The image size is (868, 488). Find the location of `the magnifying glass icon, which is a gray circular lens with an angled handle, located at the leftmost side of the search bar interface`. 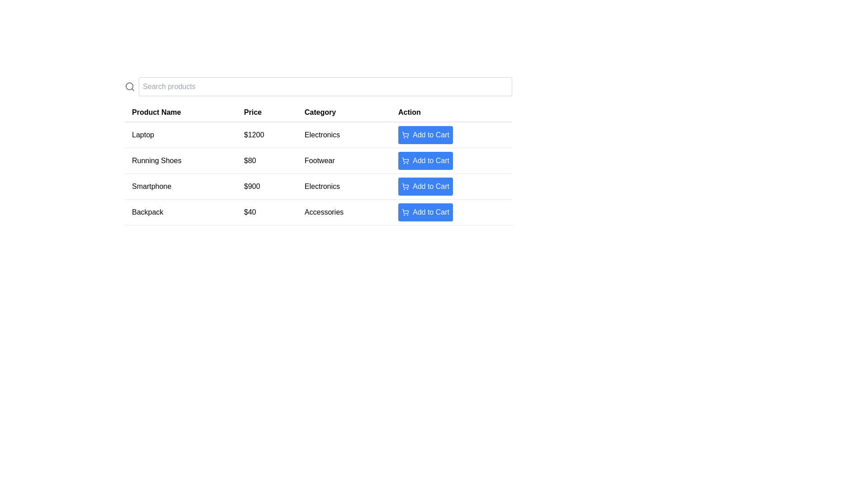

the magnifying glass icon, which is a gray circular lens with an angled handle, located at the leftmost side of the search bar interface is located at coordinates (129, 87).